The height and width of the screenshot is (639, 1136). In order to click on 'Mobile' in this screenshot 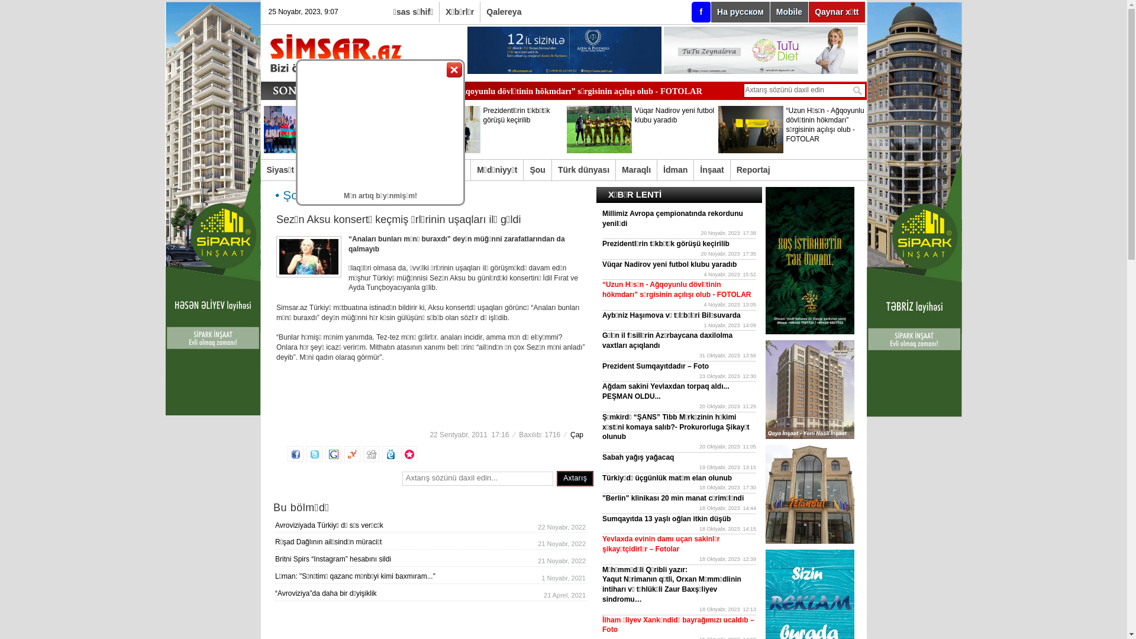, I will do `click(789, 12)`.